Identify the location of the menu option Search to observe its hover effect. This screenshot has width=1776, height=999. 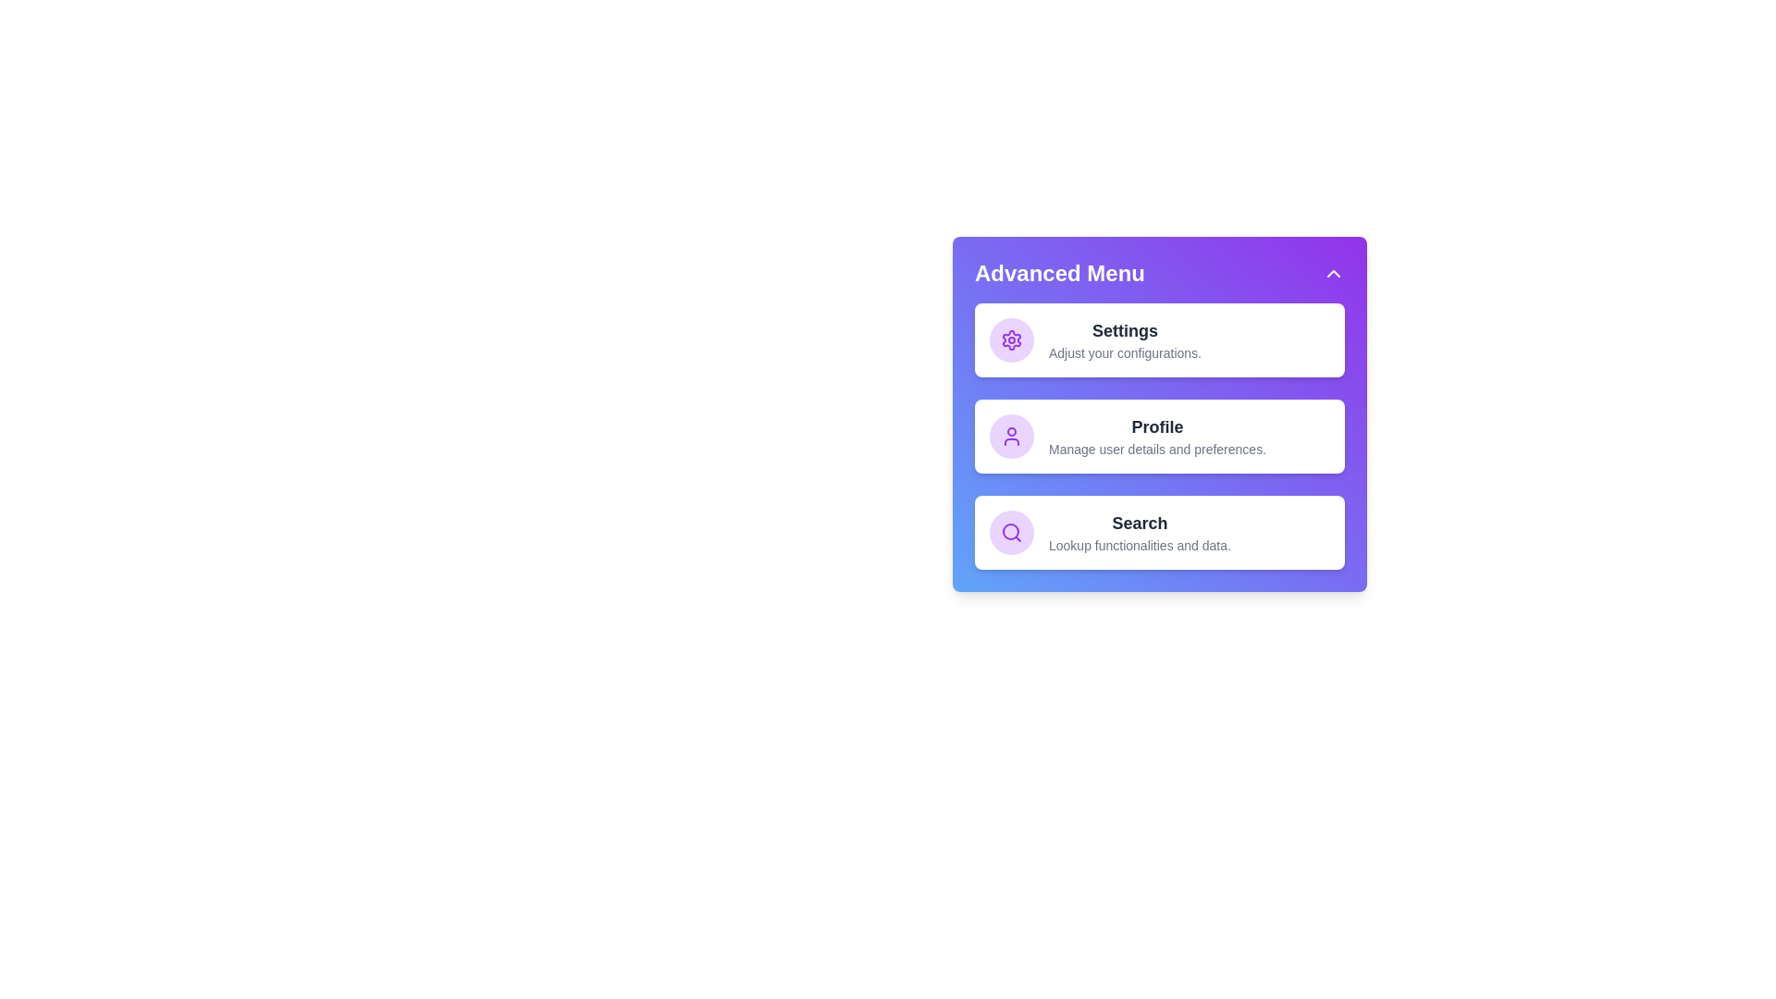
(1158, 532).